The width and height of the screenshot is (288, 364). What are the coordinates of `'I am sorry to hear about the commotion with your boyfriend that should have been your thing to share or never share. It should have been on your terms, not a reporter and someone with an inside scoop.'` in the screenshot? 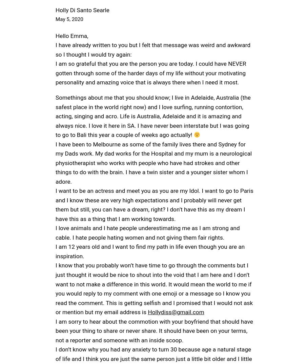 It's located at (154, 330).